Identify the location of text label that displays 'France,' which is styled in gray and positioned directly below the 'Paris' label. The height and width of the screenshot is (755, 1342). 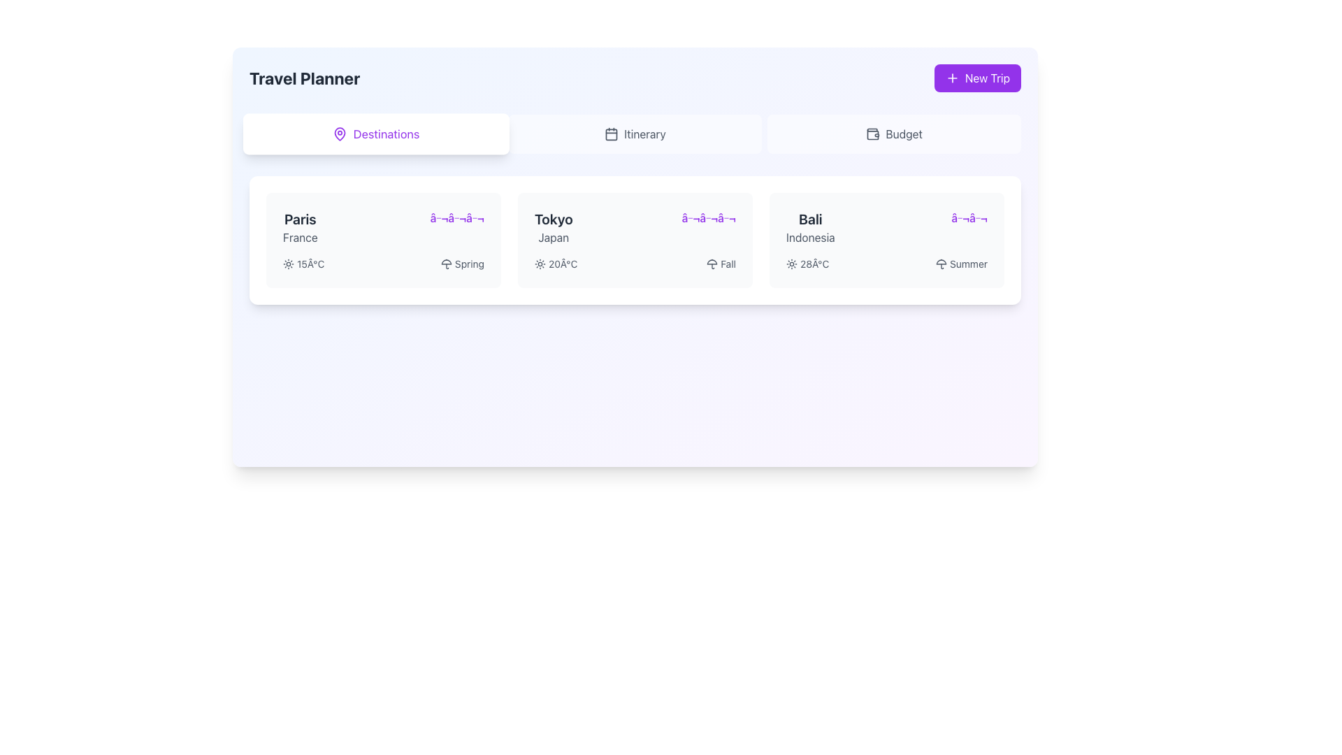
(299, 236).